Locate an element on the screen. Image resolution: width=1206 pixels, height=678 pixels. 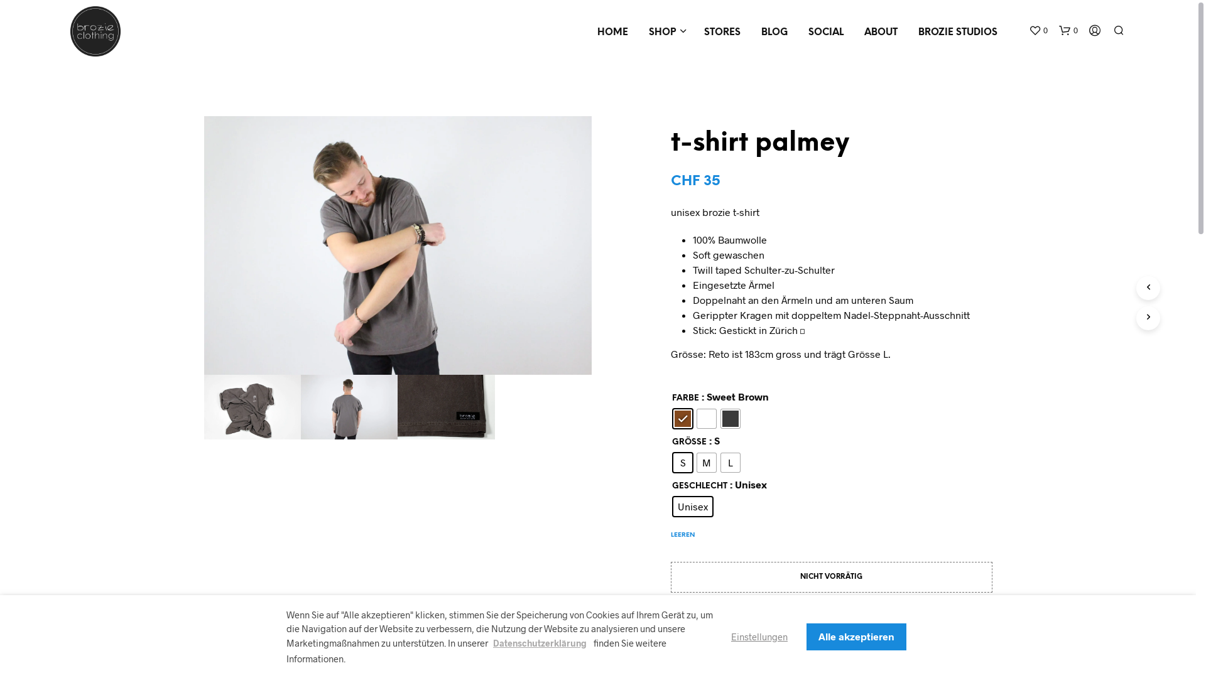
'SHOP' is located at coordinates (639, 32).